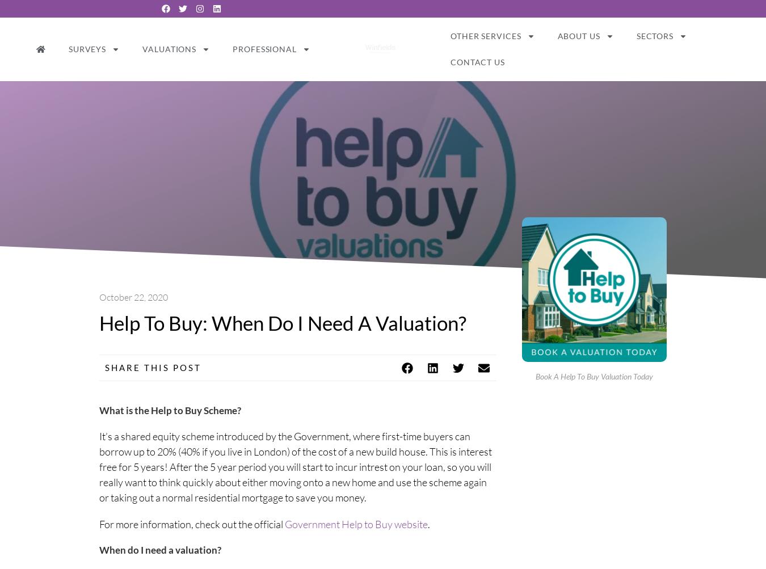 The image size is (766, 569). Describe the element at coordinates (169, 48) in the screenshot. I see `'Valuations'` at that location.